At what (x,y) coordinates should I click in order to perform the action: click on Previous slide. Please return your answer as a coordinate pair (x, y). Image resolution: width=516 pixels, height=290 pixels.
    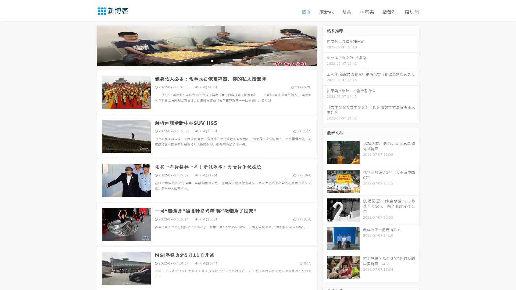
    Looking at the image, I should click on (89, 45).